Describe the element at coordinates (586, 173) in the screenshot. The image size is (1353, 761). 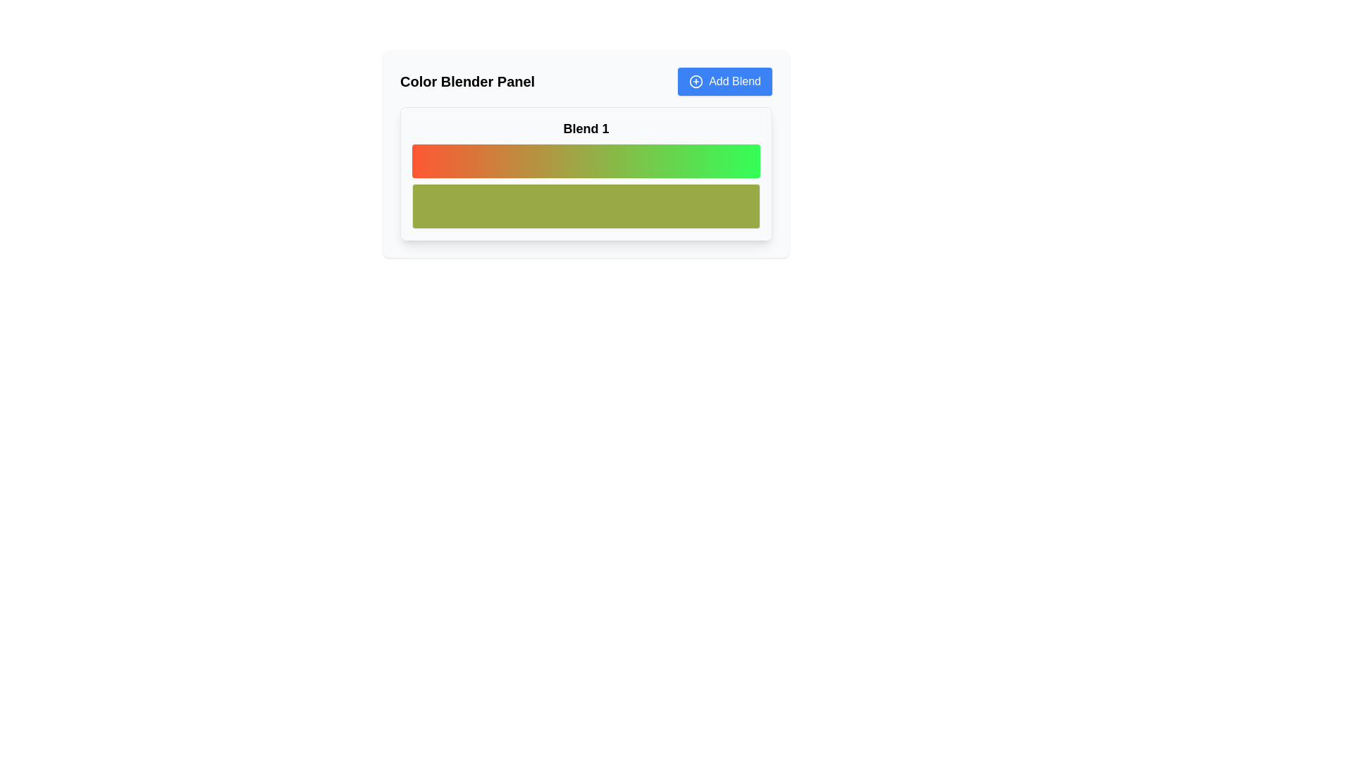
I see `the vibrant gradient bar beneath the 'Blend 1' title in the 'Color Blender Panel'` at that location.